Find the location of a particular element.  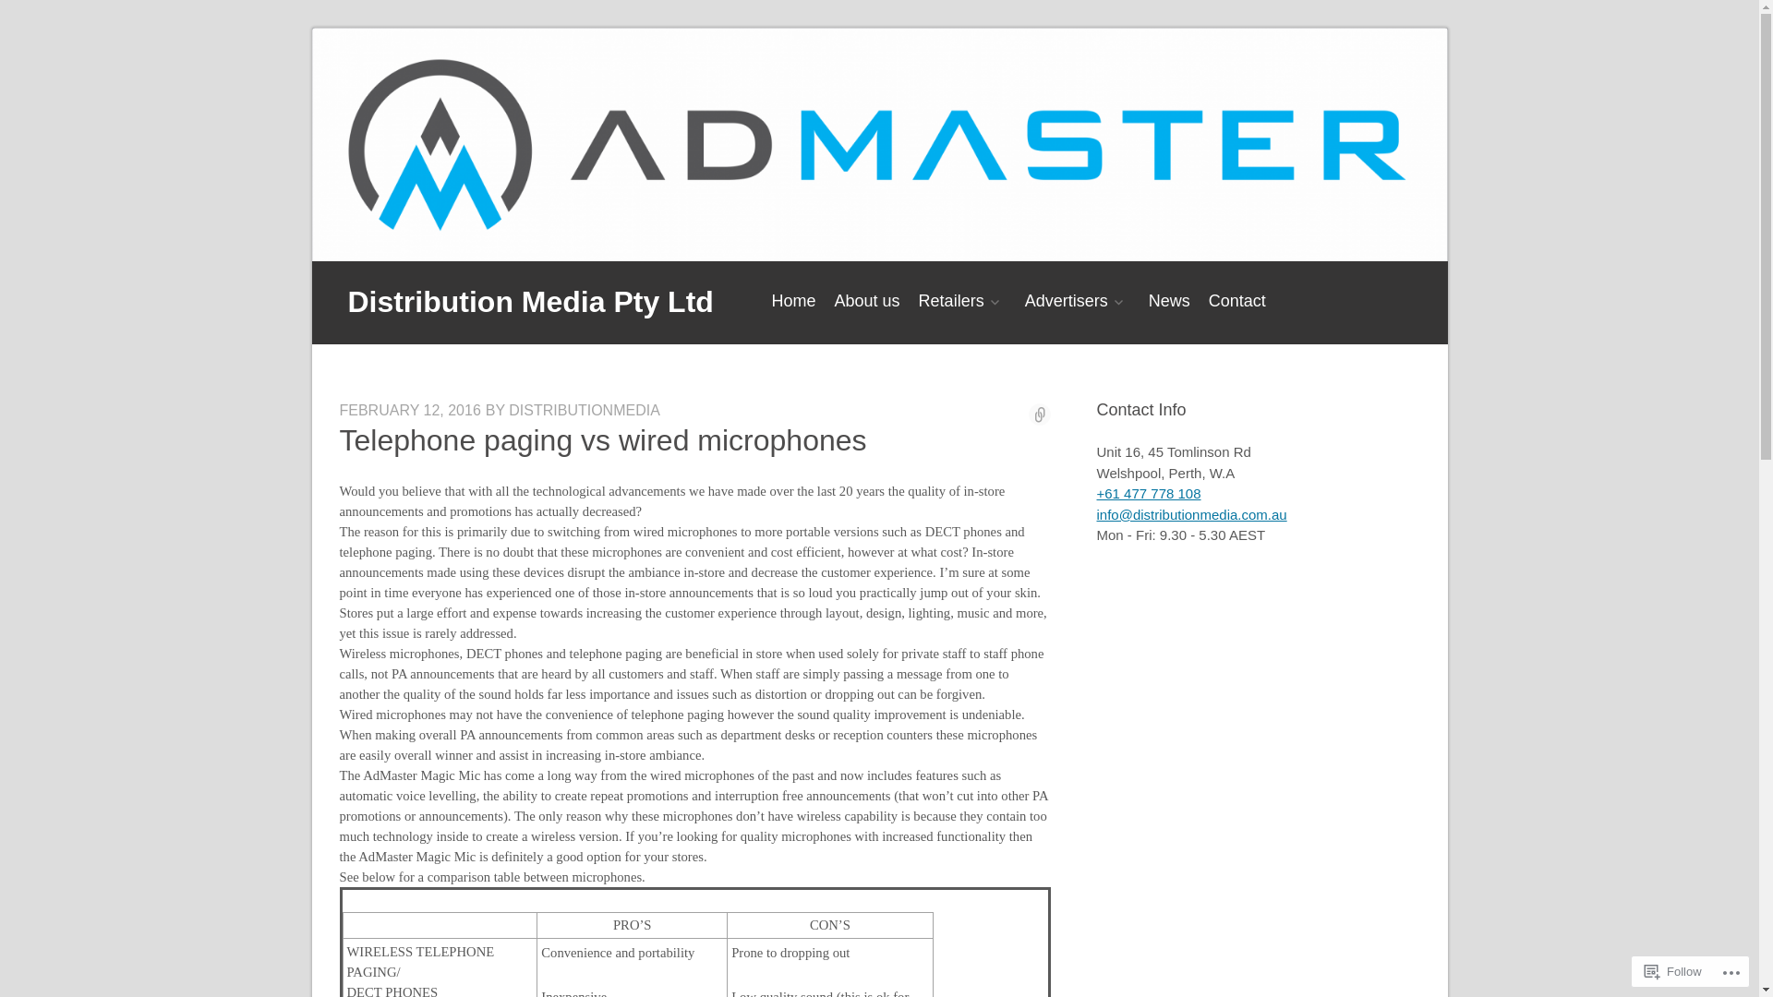

'Contact' is located at coordinates (1236, 300).